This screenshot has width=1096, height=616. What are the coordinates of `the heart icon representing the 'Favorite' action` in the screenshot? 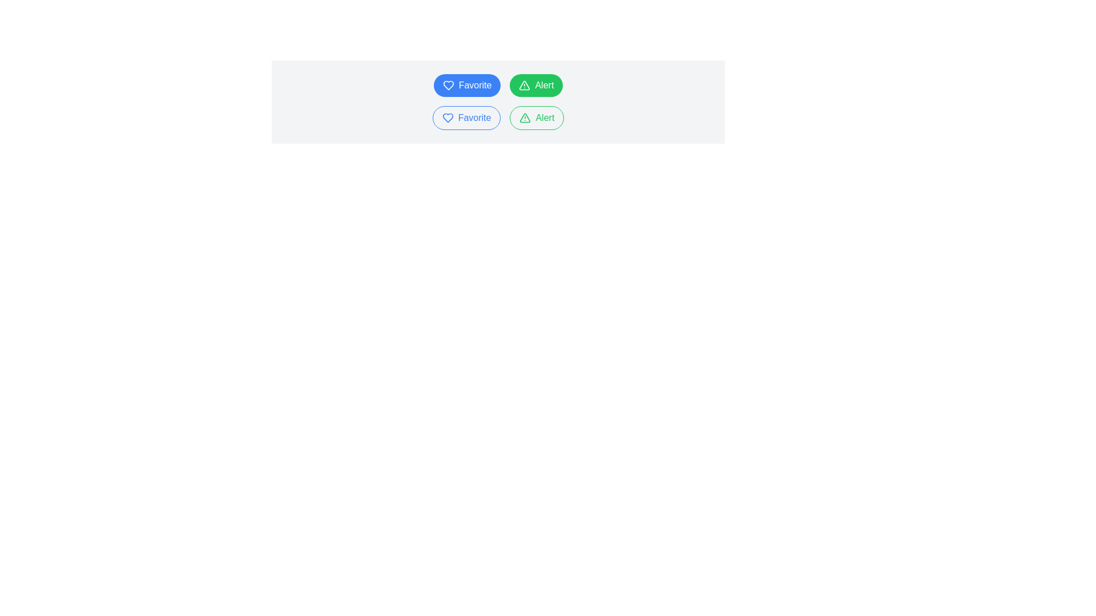 It's located at (447, 118).